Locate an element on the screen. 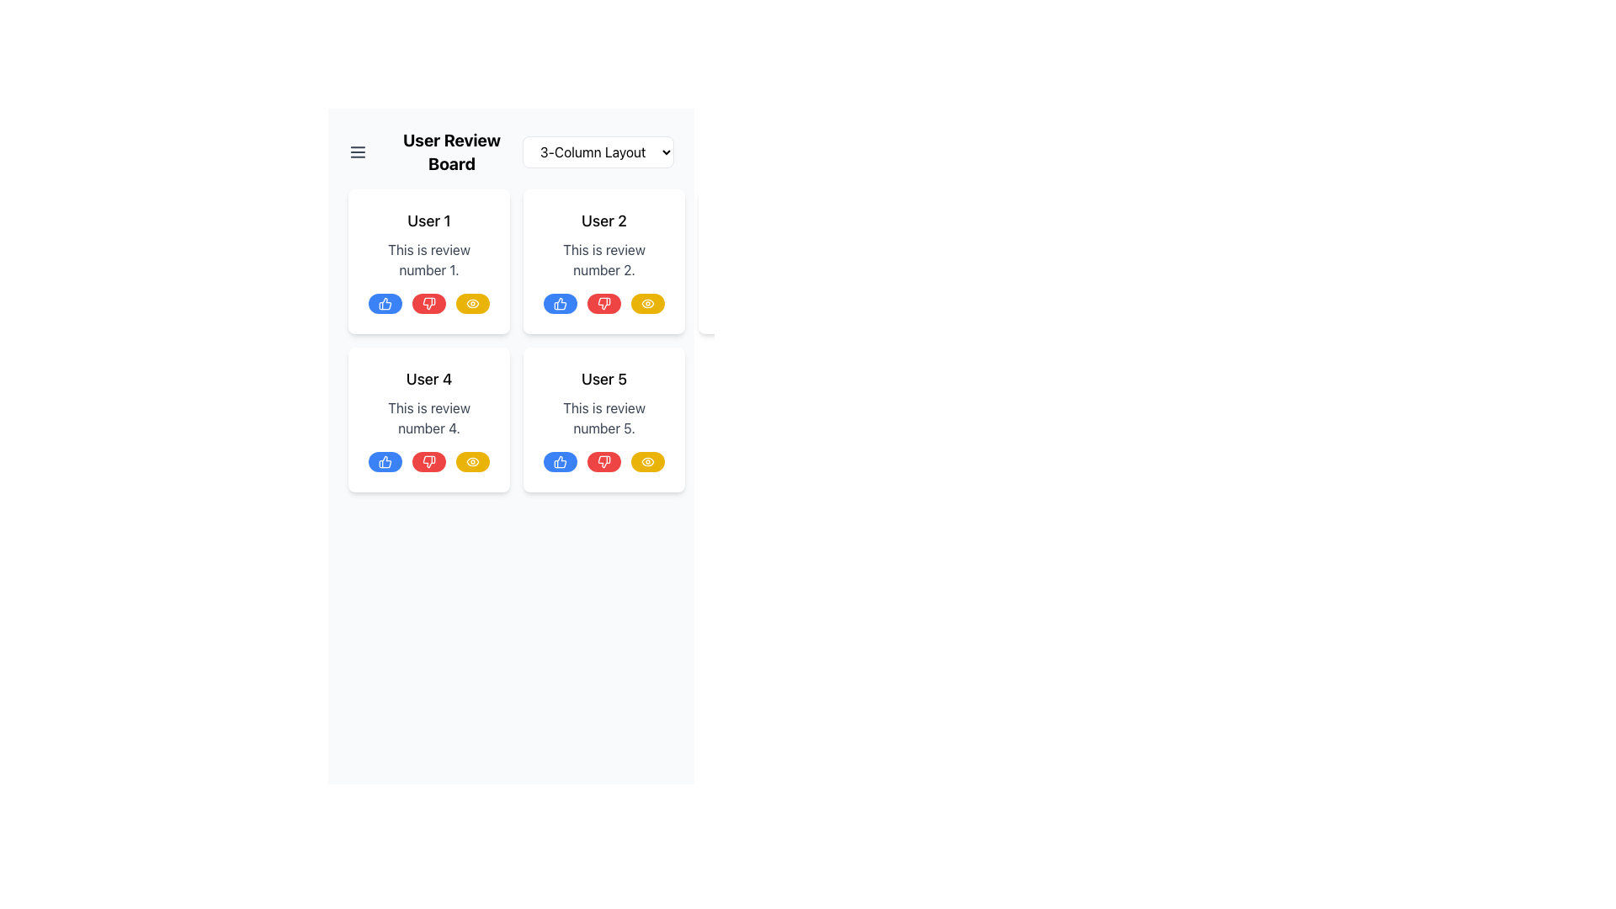 This screenshot has height=909, width=1616. the middle button that expresses disapproval located below 'User 4' is located at coordinates (428, 461).